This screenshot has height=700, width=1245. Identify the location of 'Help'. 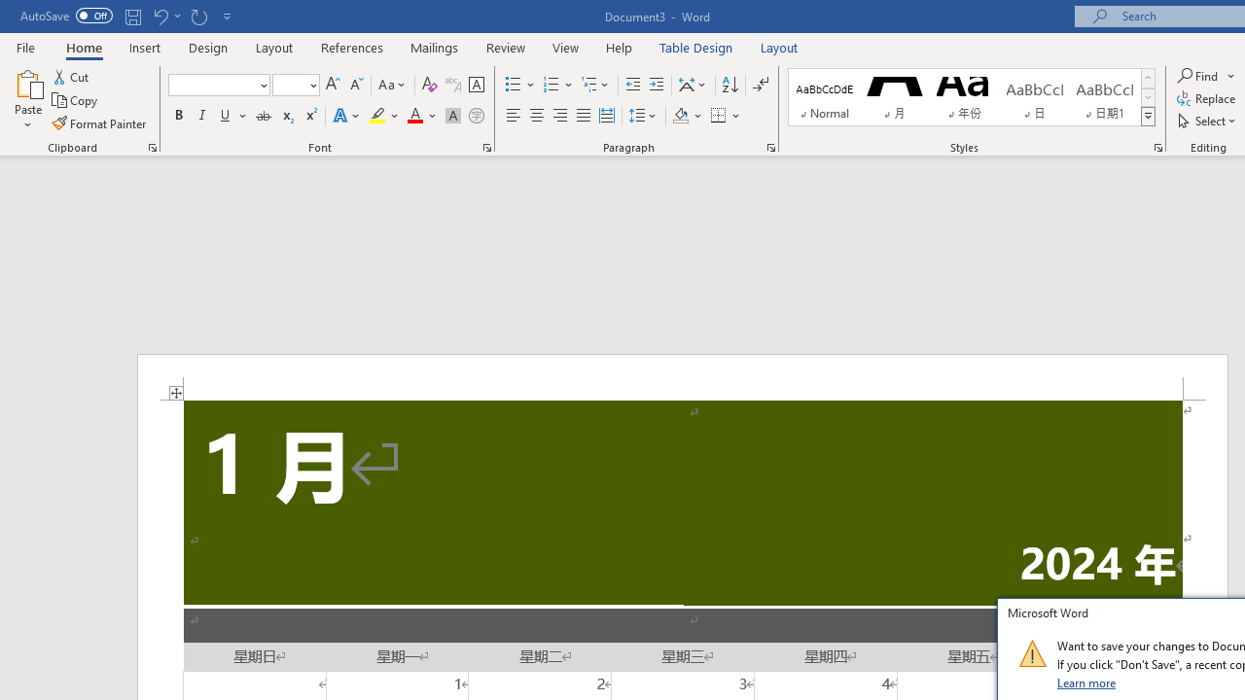
(619, 47).